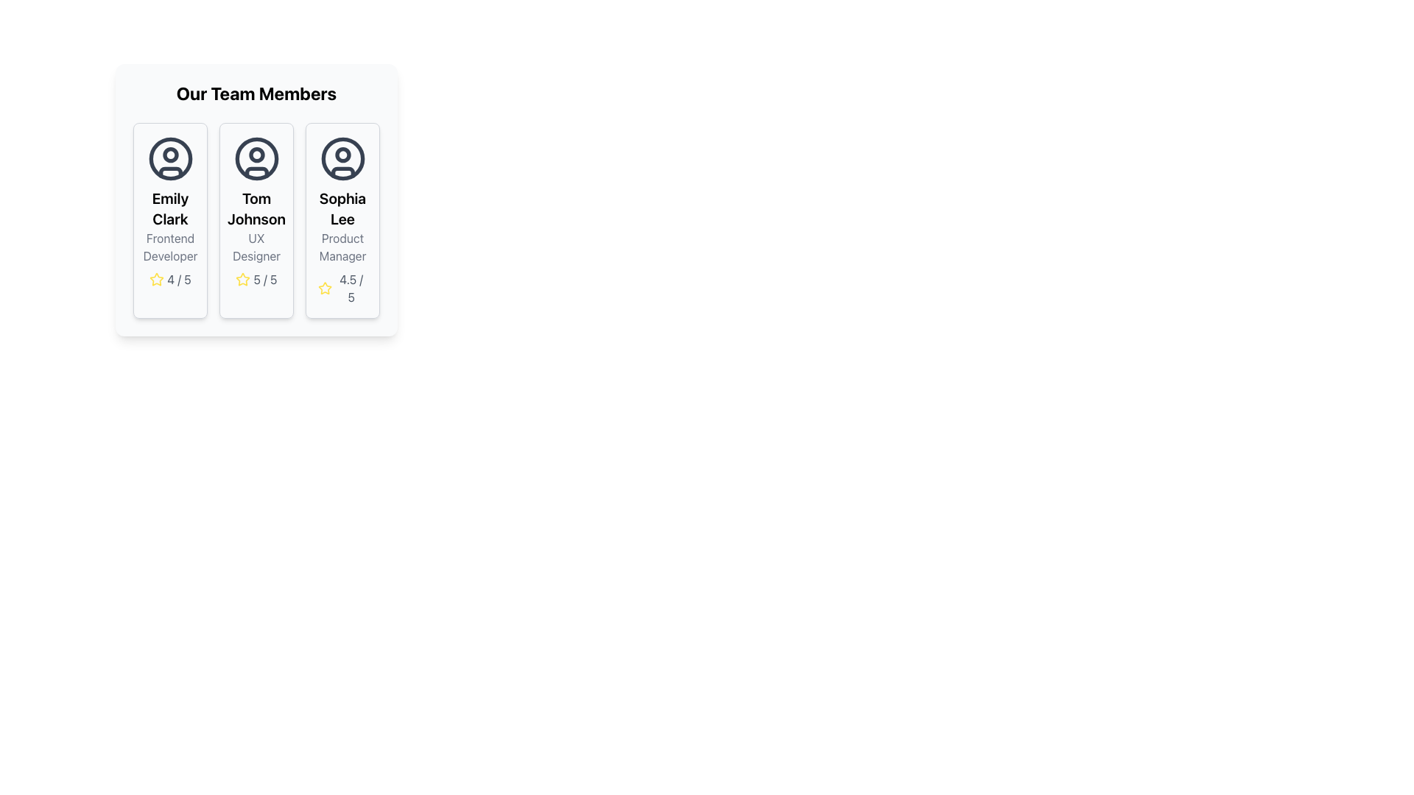  I want to click on the text label displaying 'Our Team Members', so click(256, 93).